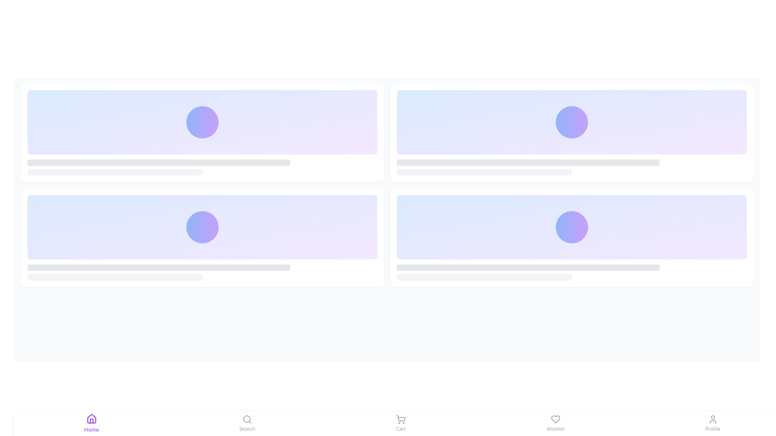 Image resolution: width=776 pixels, height=436 pixels. I want to click on the white card with rounded corners and shadow effect located in the bottom-right cell of a 2x2 grid for more information, so click(571, 237).